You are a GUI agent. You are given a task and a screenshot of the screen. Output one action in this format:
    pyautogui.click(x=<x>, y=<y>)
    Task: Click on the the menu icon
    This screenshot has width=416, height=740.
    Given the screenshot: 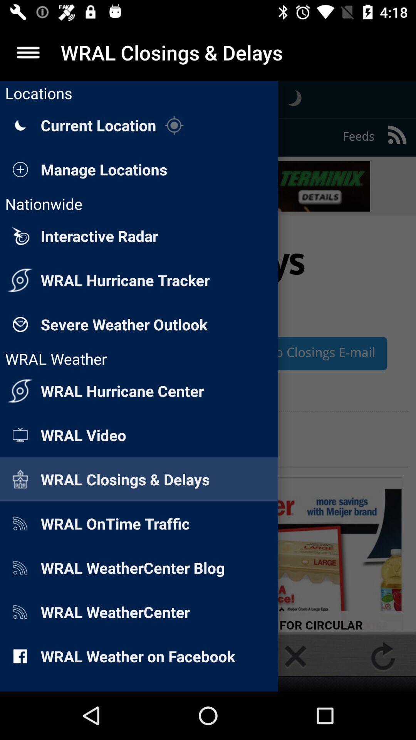 What is the action you would take?
    pyautogui.click(x=28, y=52)
    